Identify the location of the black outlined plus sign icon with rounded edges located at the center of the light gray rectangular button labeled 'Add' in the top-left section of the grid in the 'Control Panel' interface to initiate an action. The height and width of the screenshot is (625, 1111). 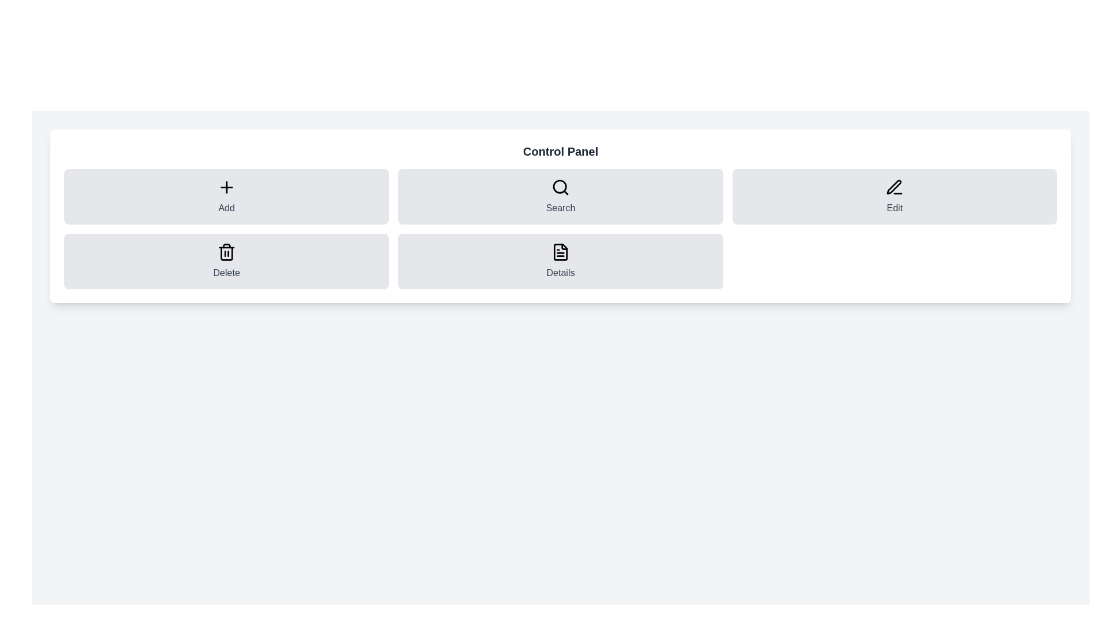
(226, 187).